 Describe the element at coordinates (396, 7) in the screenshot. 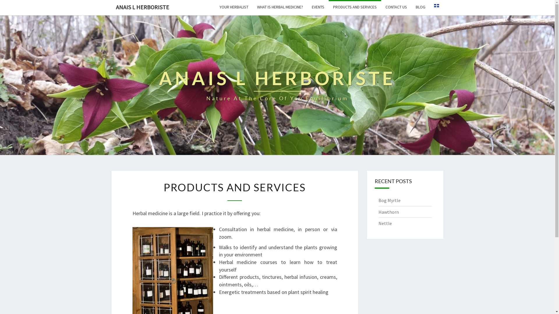

I see `'CONTACT US'` at that location.